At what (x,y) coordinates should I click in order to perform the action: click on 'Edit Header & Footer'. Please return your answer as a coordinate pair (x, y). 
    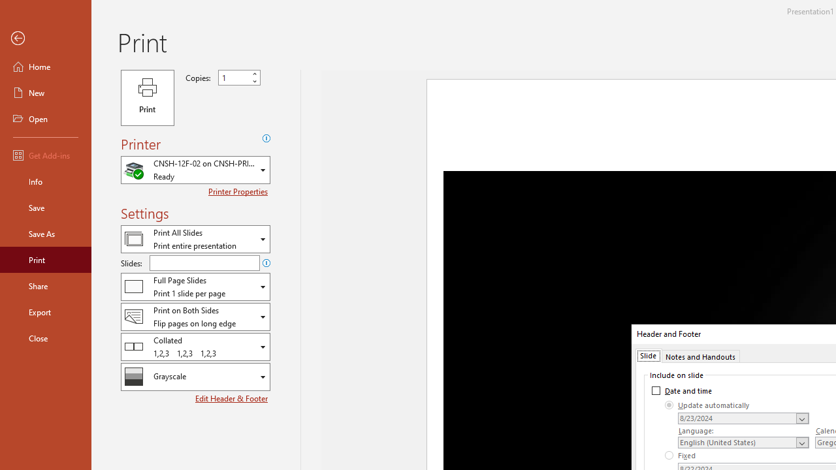
    Looking at the image, I should click on (233, 398).